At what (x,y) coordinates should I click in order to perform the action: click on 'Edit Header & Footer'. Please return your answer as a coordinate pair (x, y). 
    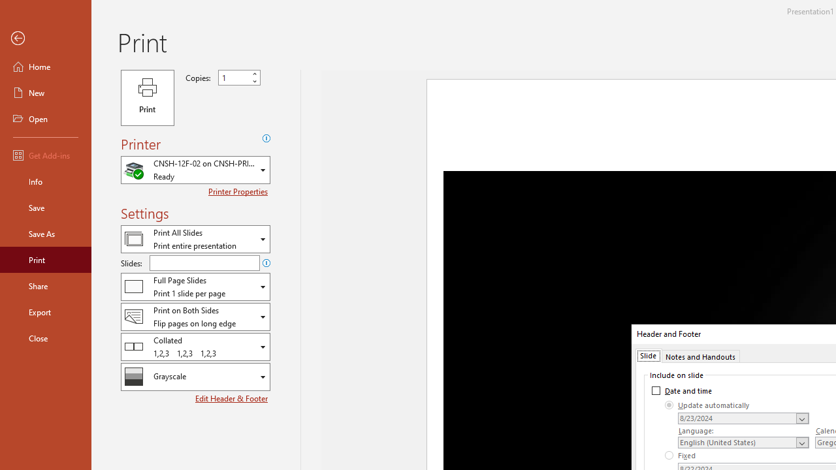
    Looking at the image, I should click on (233, 398).